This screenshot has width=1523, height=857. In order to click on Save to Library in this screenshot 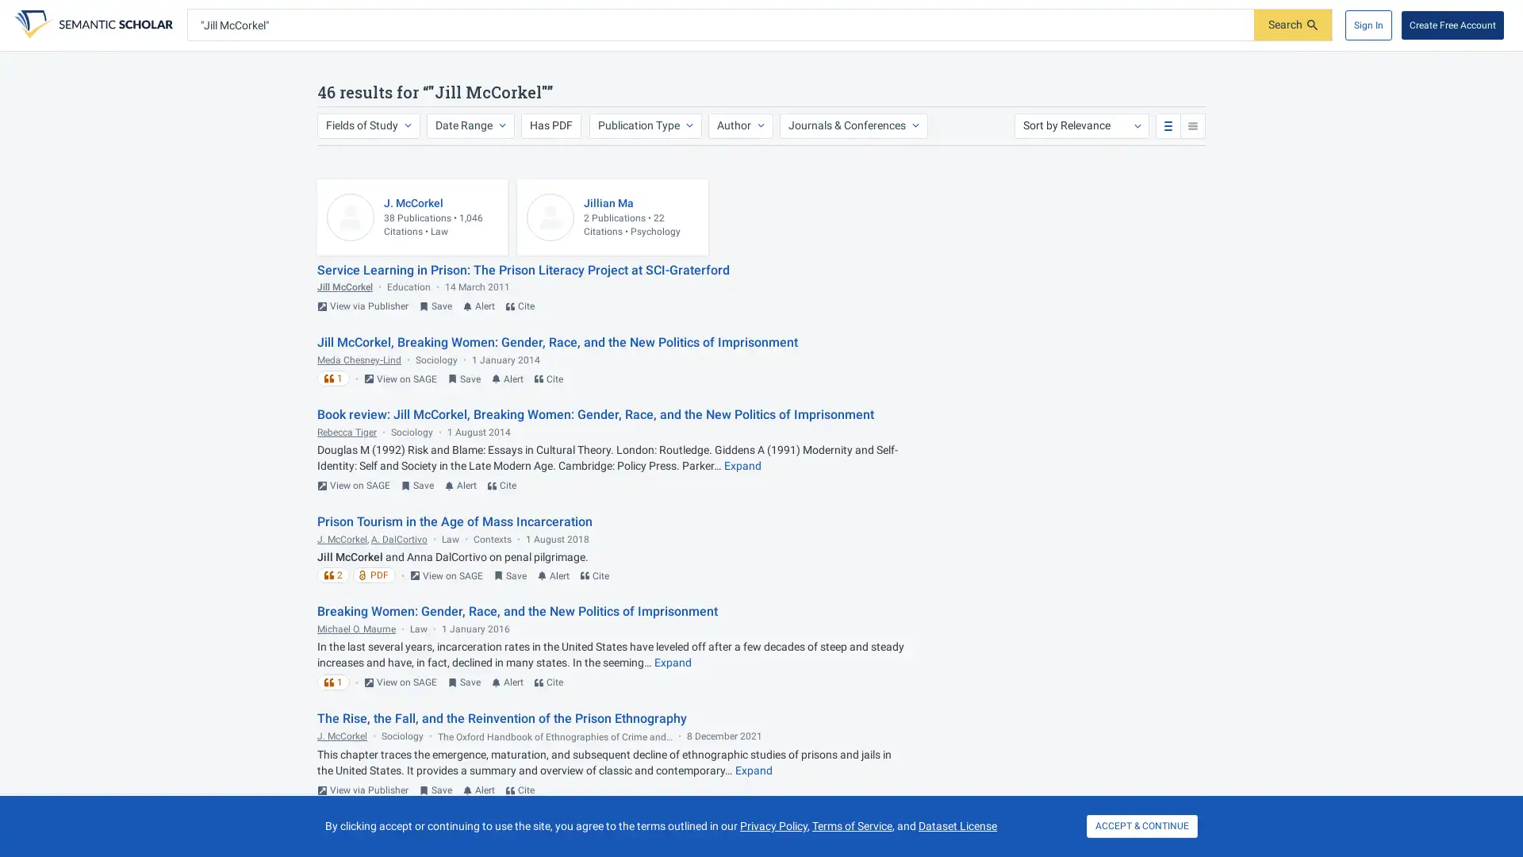, I will do `click(435, 306)`.